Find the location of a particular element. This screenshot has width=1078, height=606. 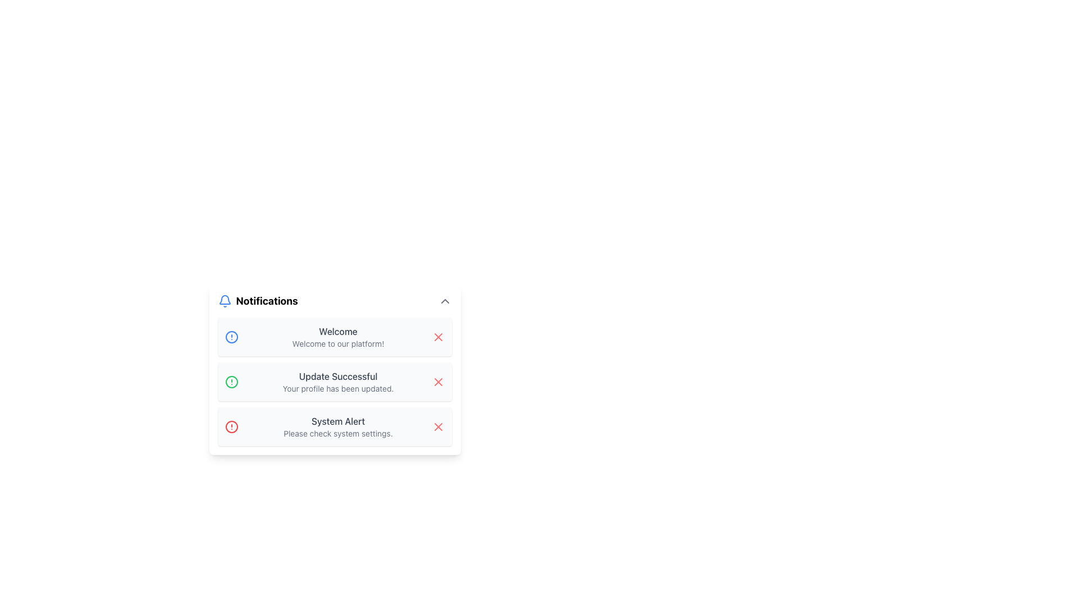

the button at the far right of the 'Notifications' header section is located at coordinates (444, 300).